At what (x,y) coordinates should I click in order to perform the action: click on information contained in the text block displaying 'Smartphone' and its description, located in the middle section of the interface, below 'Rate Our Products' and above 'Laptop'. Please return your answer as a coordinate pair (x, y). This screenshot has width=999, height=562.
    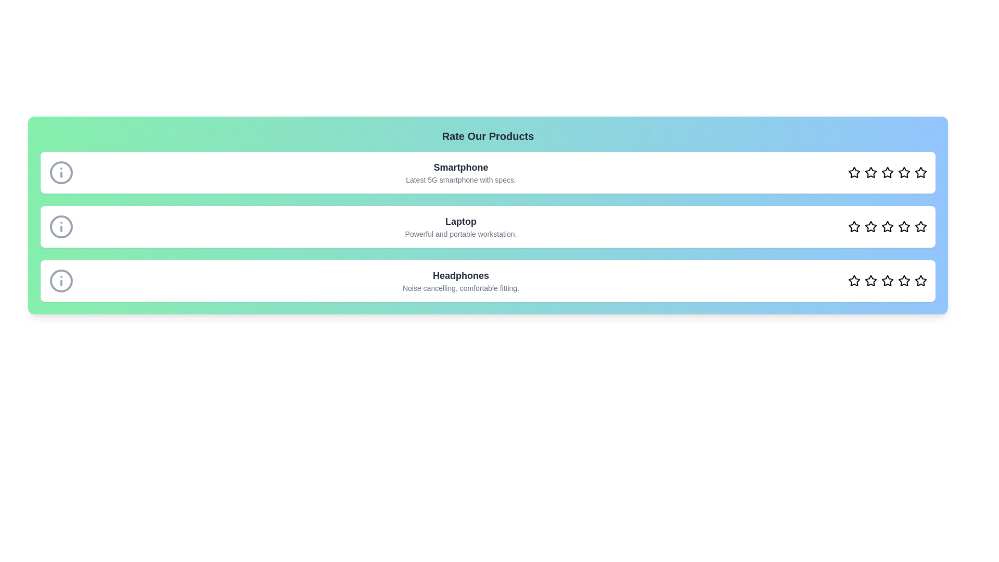
    Looking at the image, I should click on (487, 172).